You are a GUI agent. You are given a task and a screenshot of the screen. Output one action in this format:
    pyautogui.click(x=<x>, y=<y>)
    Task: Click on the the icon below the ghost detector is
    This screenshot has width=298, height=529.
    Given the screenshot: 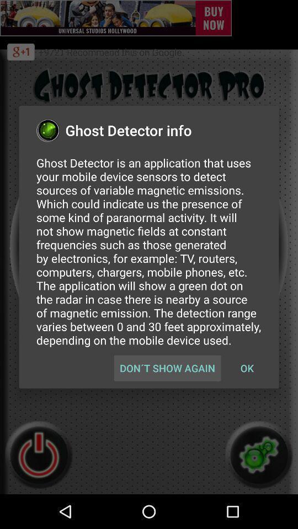 What is the action you would take?
    pyautogui.click(x=167, y=368)
    